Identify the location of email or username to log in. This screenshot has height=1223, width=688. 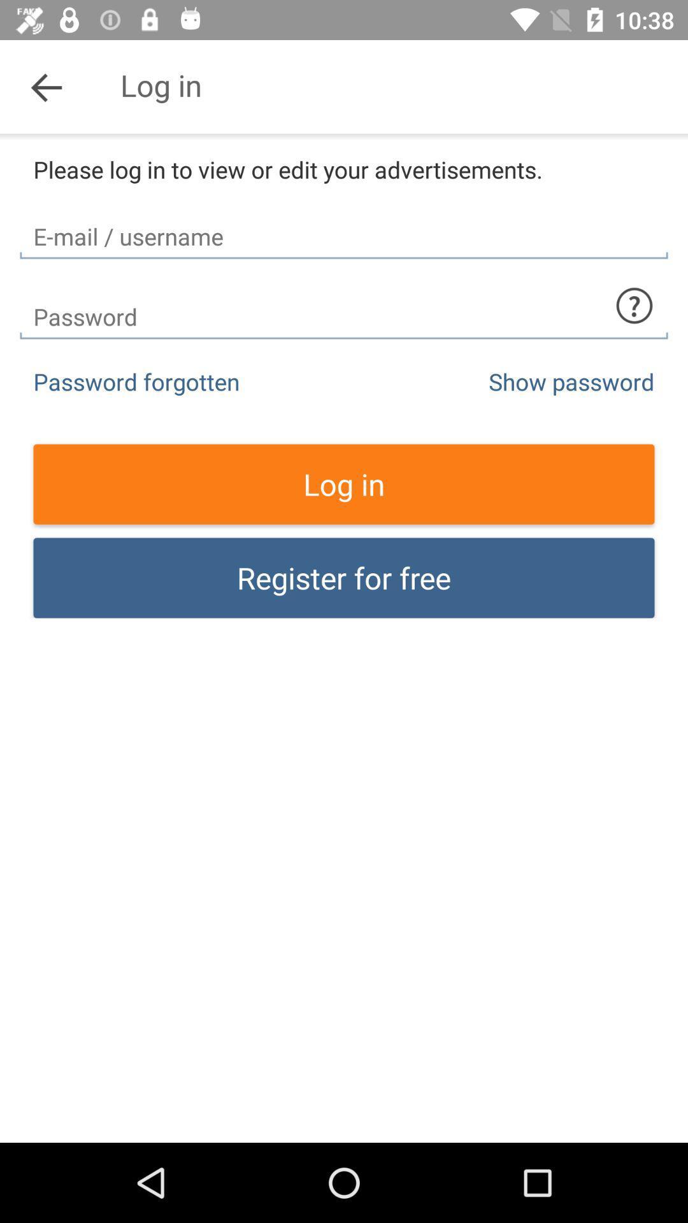
(344, 225).